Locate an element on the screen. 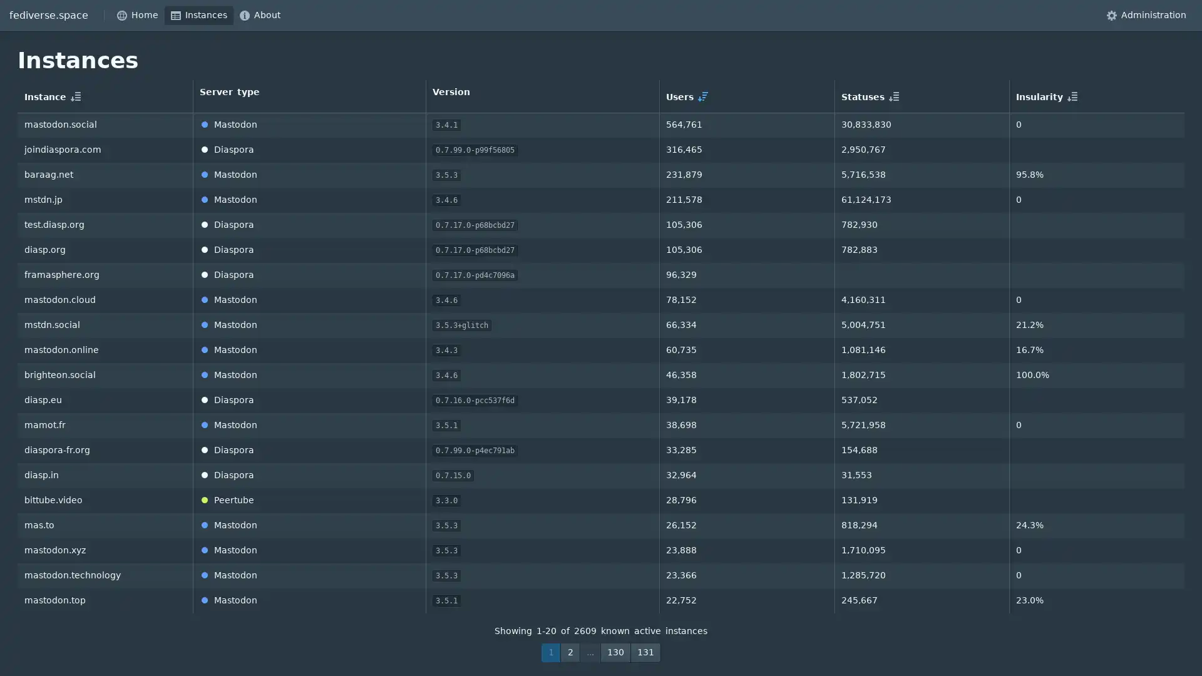  131 is located at coordinates (645, 652).